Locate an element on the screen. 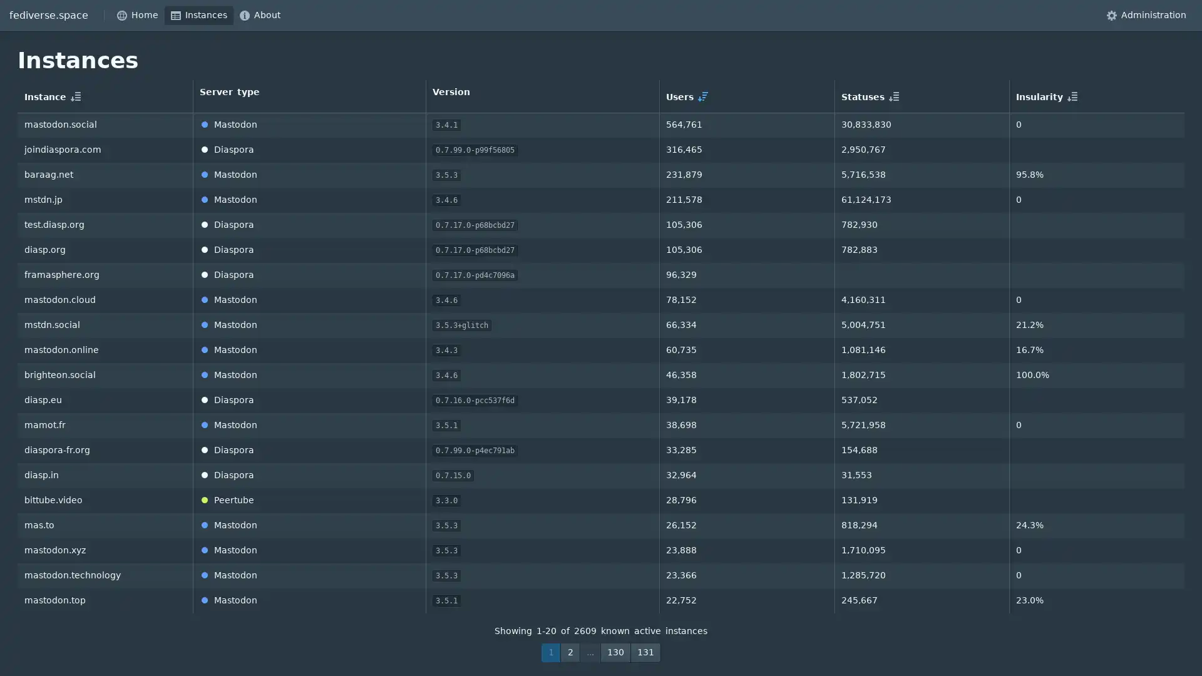  131 is located at coordinates (645, 652).